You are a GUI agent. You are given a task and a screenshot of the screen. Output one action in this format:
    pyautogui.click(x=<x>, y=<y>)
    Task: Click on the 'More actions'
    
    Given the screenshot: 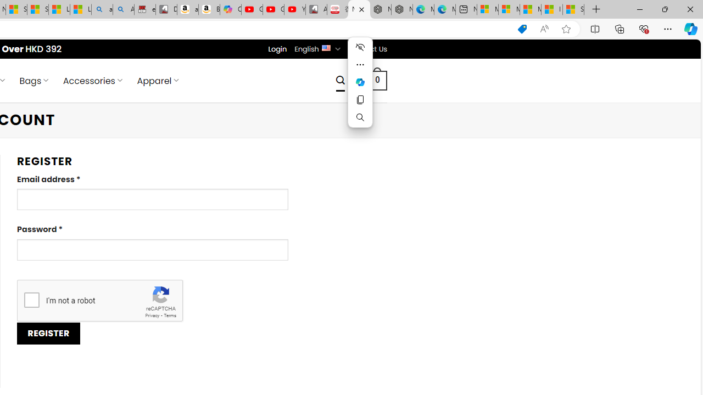 What is the action you would take?
    pyautogui.click(x=360, y=65)
    